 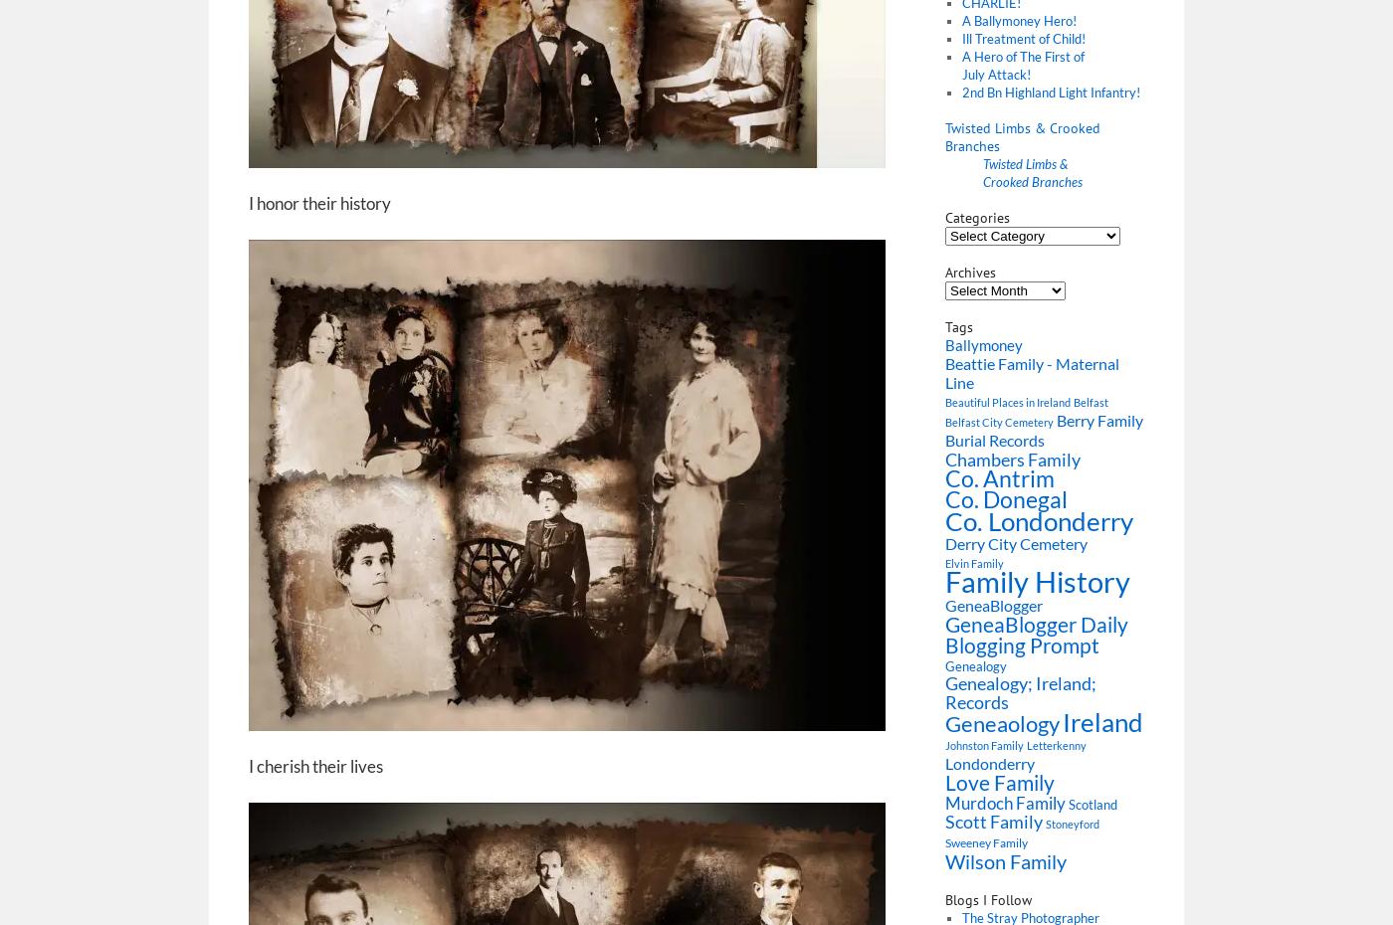 I want to click on 'Beattie Family - Maternal Line', so click(x=1032, y=371).